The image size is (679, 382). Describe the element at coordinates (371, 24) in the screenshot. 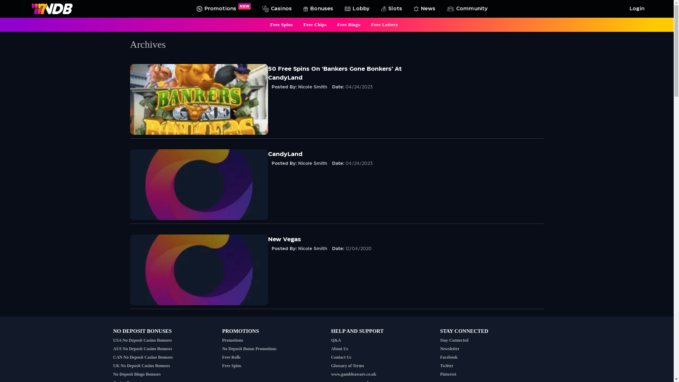

I see `'Free Lottery'` at that location.